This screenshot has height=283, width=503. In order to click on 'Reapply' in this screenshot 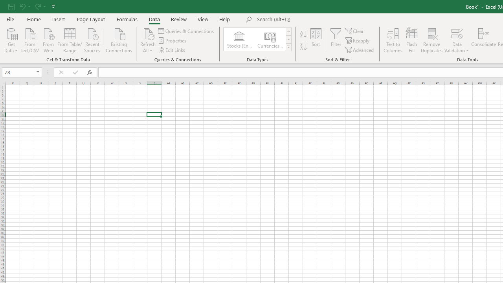, I will do `click(358, 40)`.